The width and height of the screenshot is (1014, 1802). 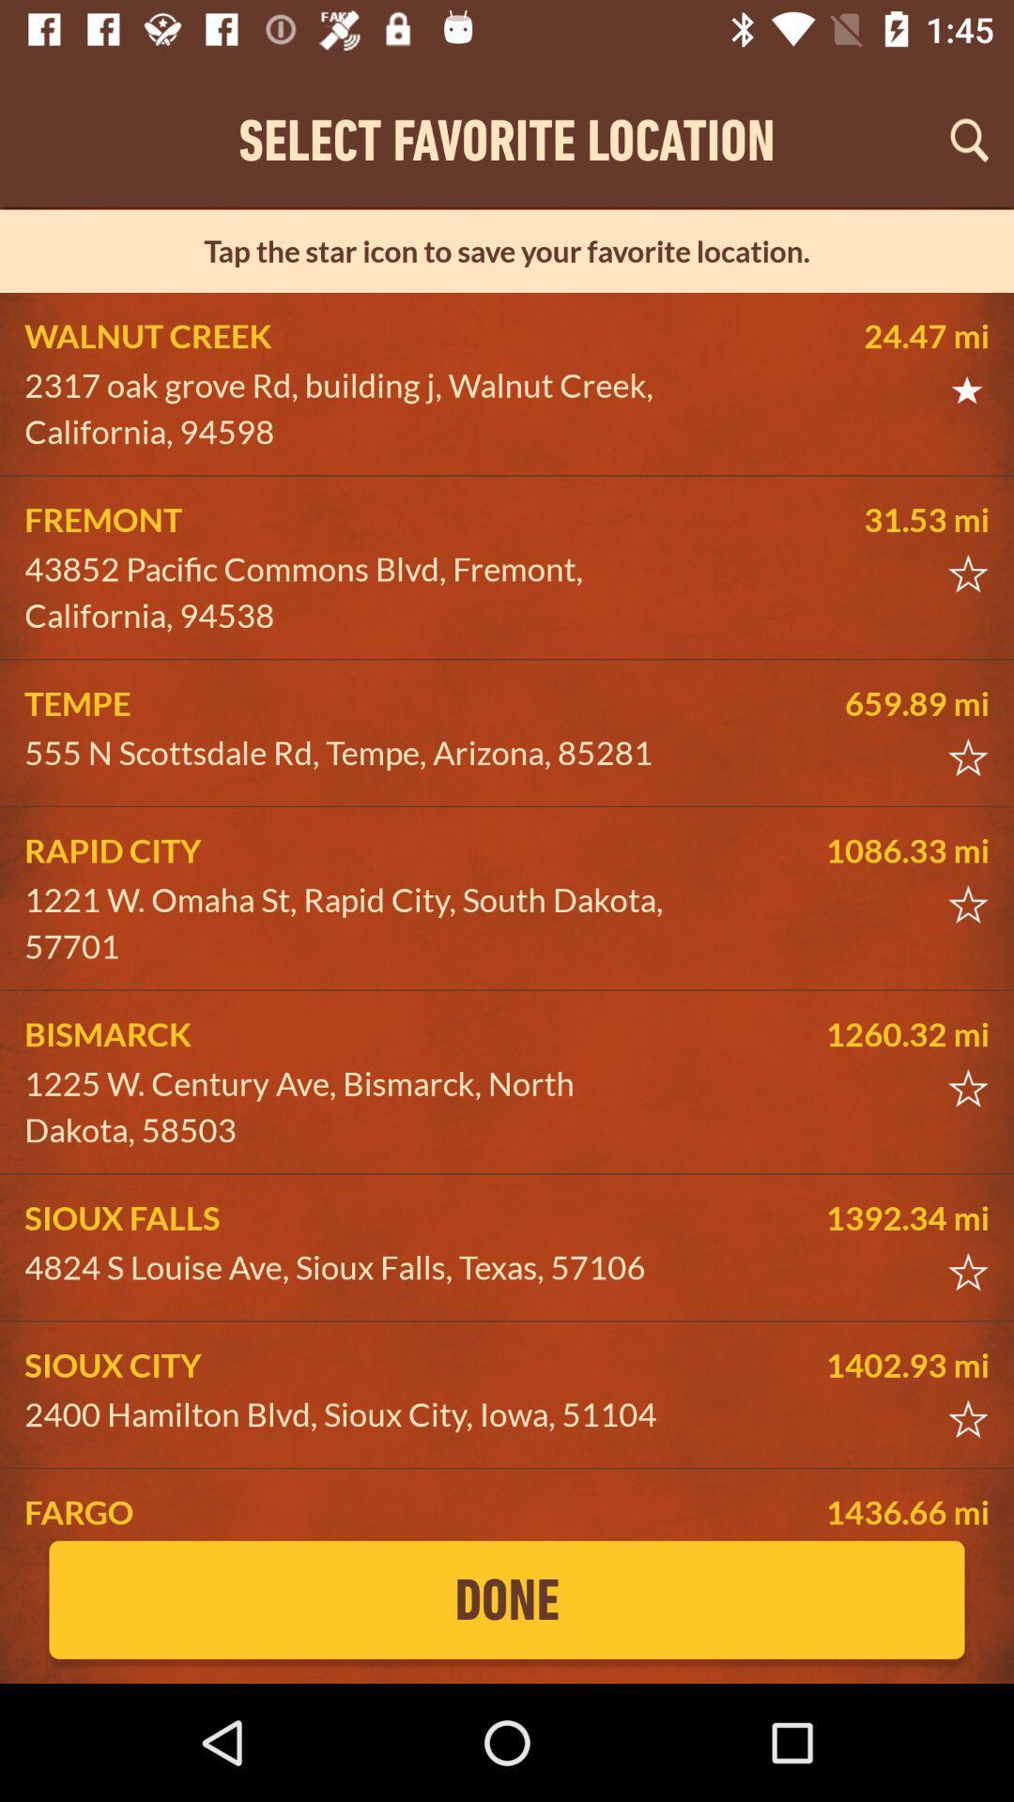 What do you see at coordinates (969, 139) in the screenshot?
I see `search locations` at bounding box center [969, 139].